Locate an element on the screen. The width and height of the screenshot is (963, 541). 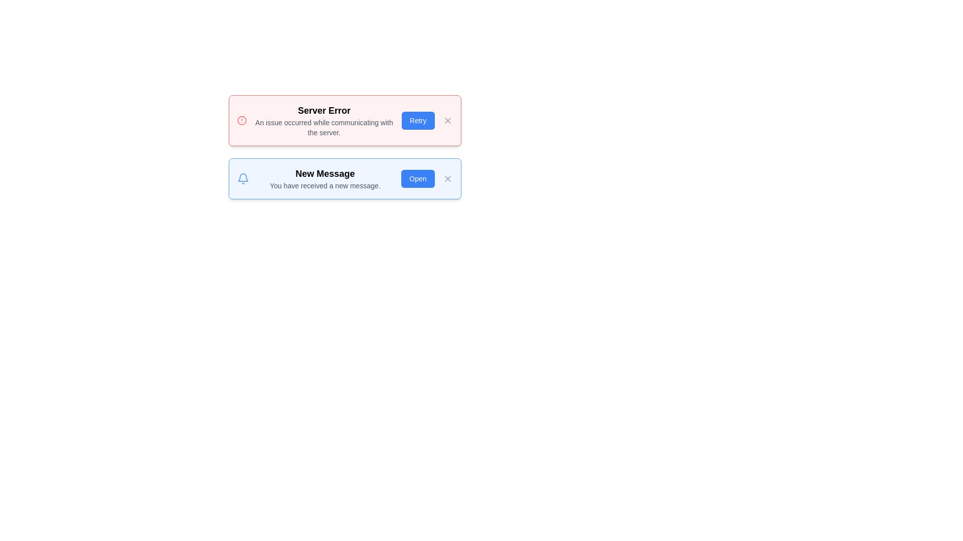
static text that states 'You have received a new message.' located below the title 'New Message' in the notification box is located at coordinates (325, 185).